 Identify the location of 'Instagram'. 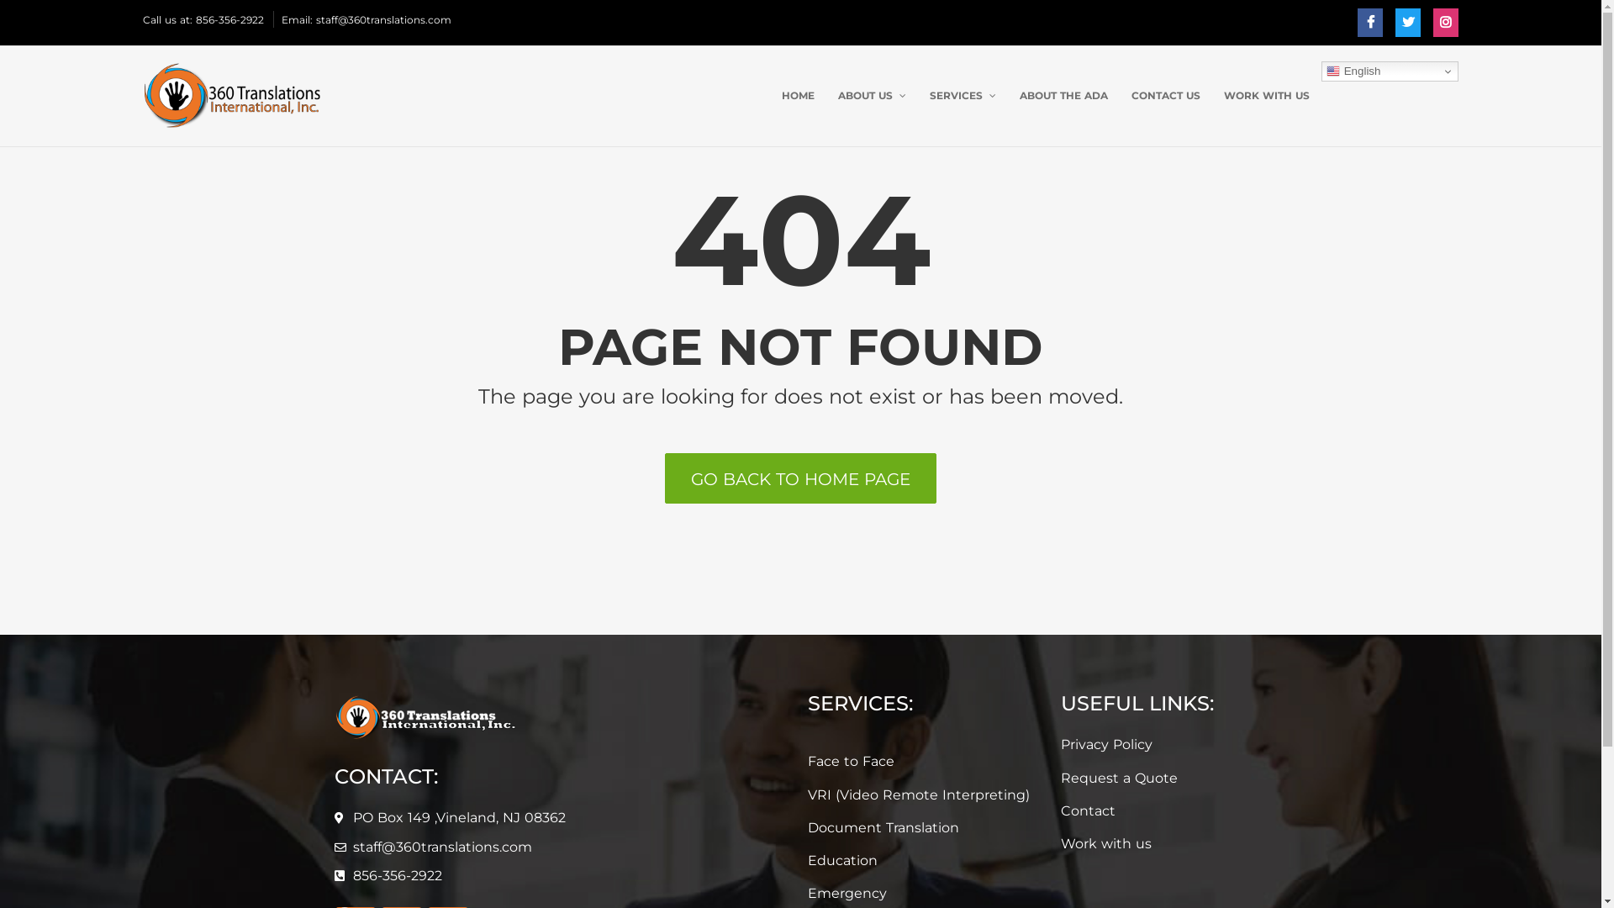
(1444, 23).